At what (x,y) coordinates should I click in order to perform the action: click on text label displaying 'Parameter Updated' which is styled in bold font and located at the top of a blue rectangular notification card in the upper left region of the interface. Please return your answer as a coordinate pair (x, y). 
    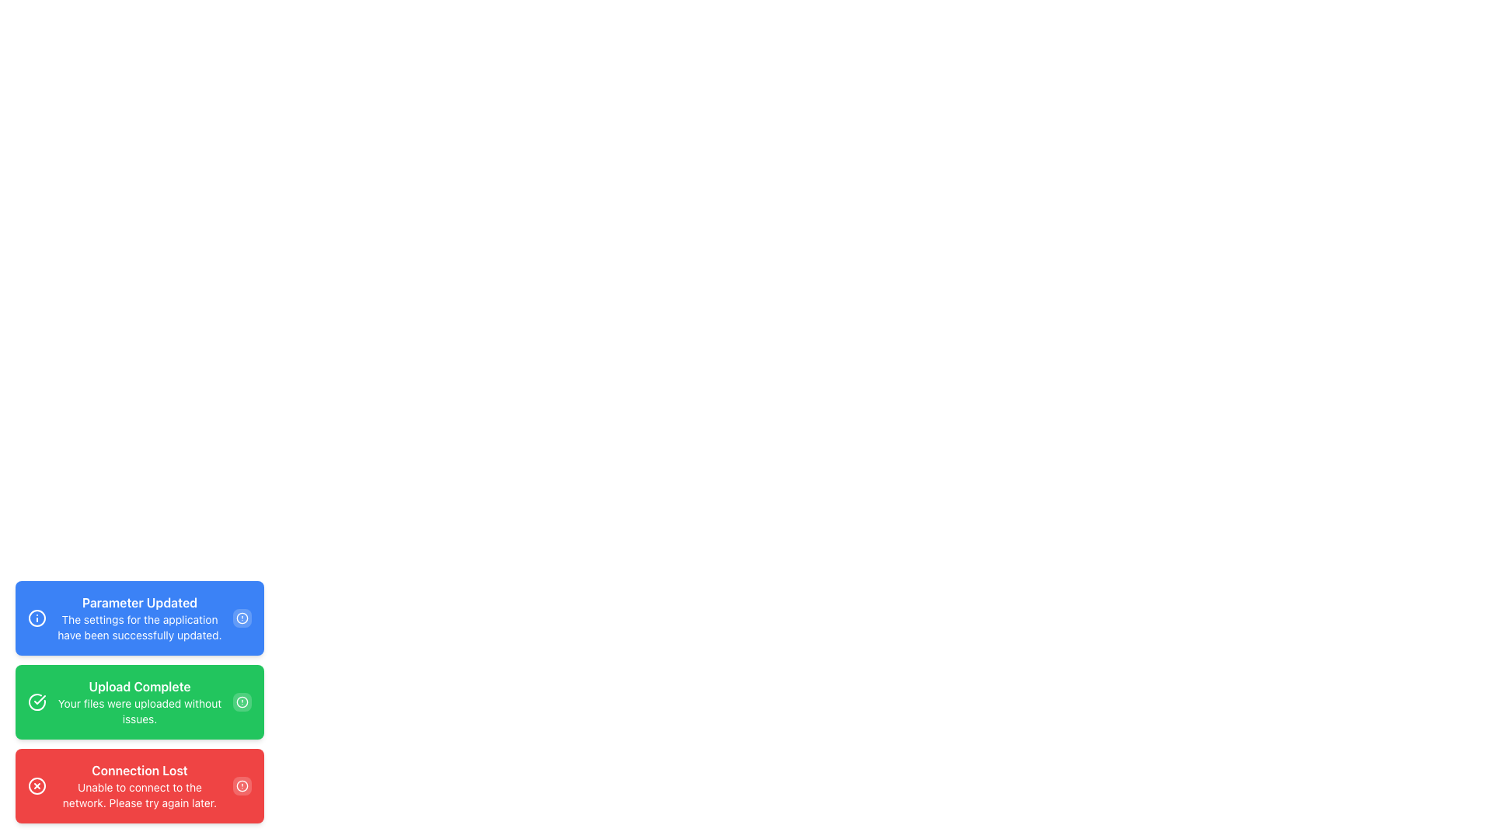
    Looking at the image, I should click on (140, 601).